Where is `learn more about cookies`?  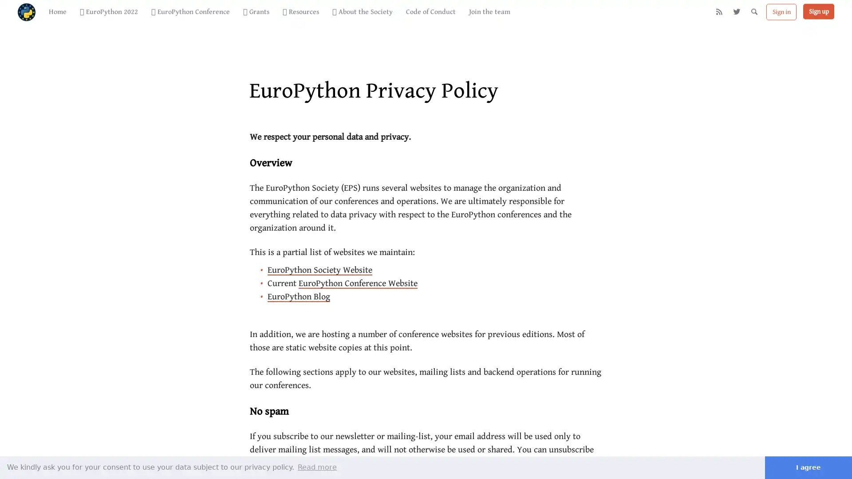 learn more about cookies is located at coordinates (317, 467).